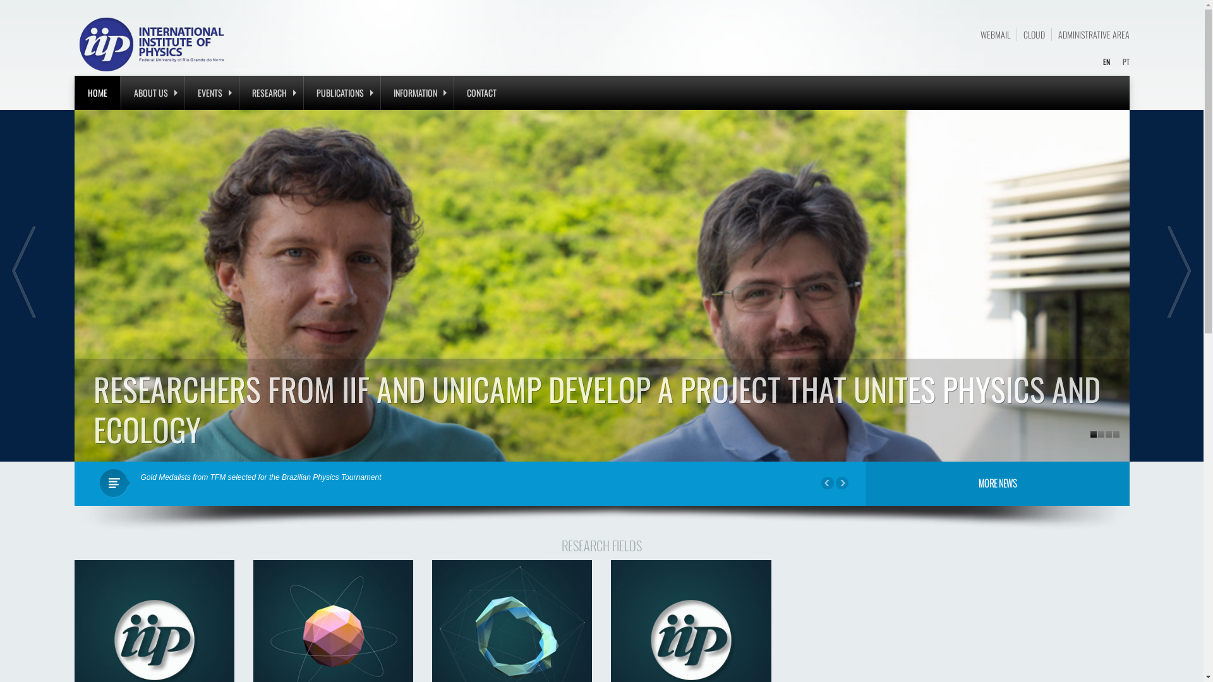 The image size is (1213, 682). I want to click on 'EVENTS', so click(211, 92).